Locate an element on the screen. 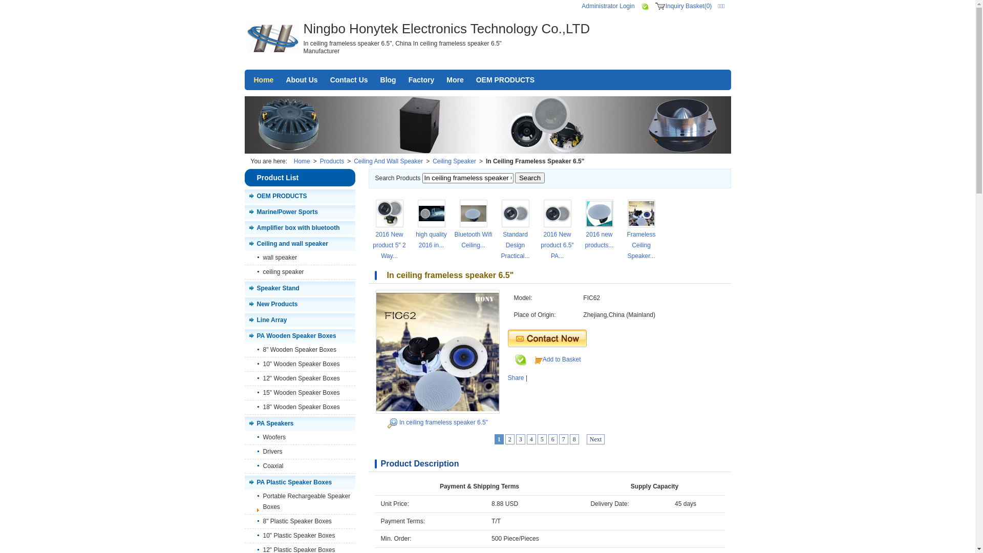 This screenshot has width=983, height=553. '12" Wooden Speaker Boxes' is located at coordinates (244, 379).